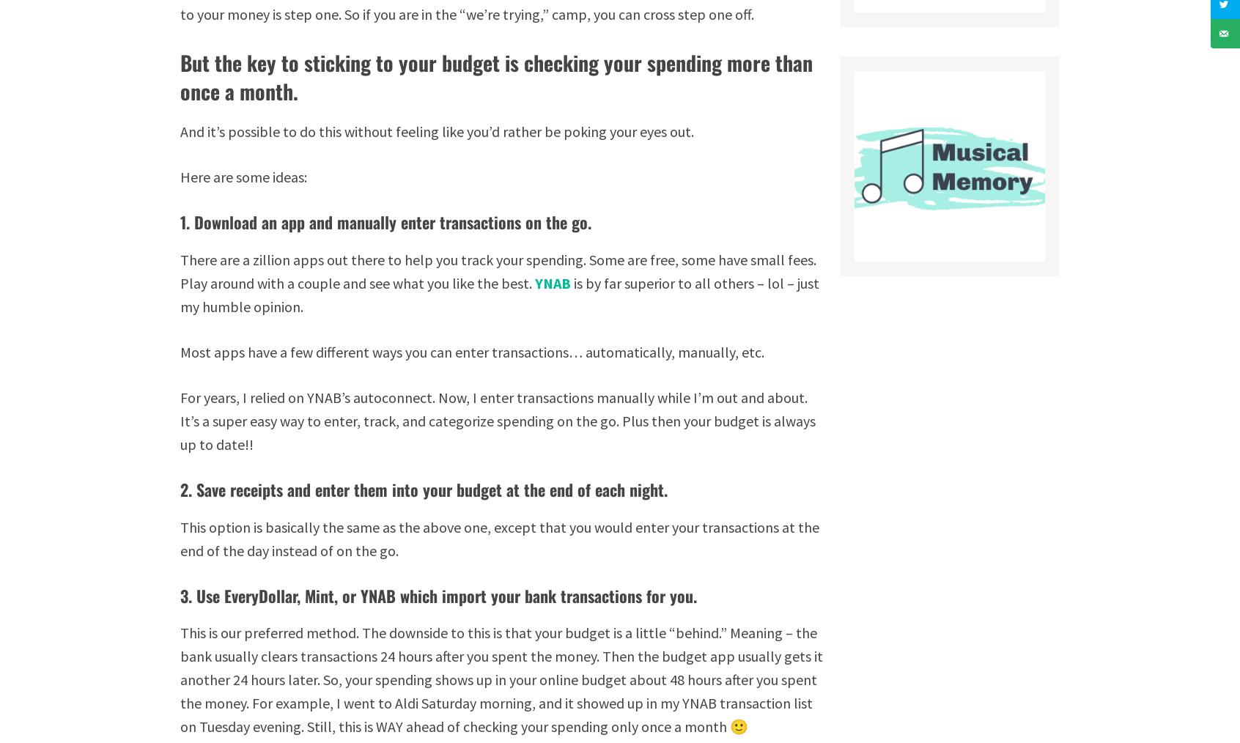  What do you see at coordinates (472, 351) in the screenshot?
I see `'Most apps have a few different ways you can enter transactions… automatically, manually, etc.'` at bounding box center [472, 351].